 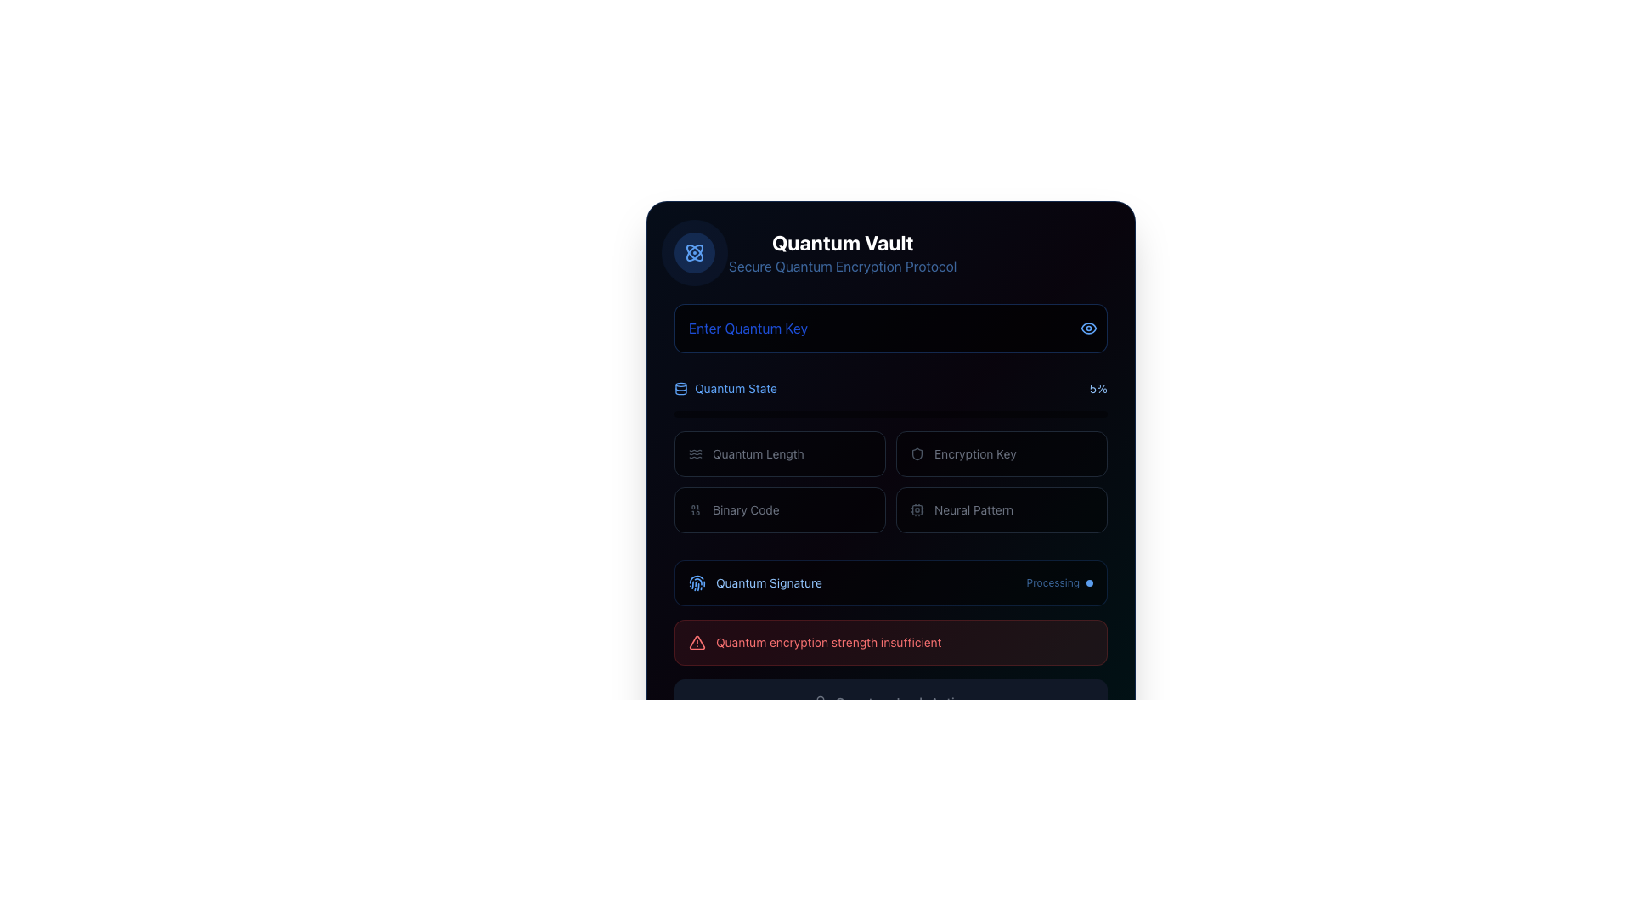 I want to click on the interactive card displaying 'Binary Code' with a translucent black background and rounded corners, located in the bottom-left cell of the grid layout, so click(x=779, y=509).